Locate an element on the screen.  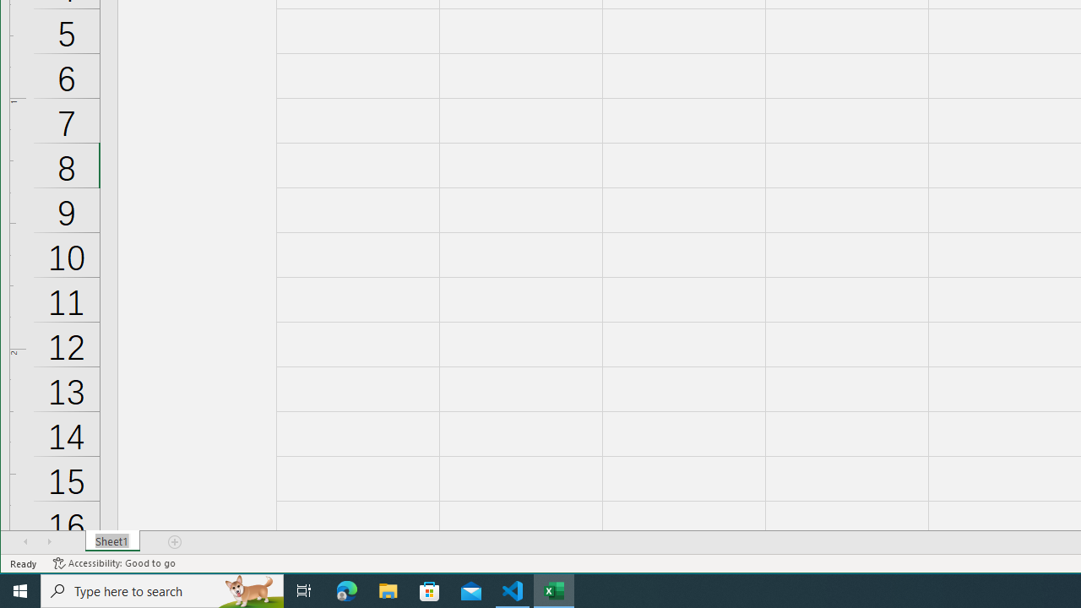
'Scroll Right' is located at coordinates (49, 541).